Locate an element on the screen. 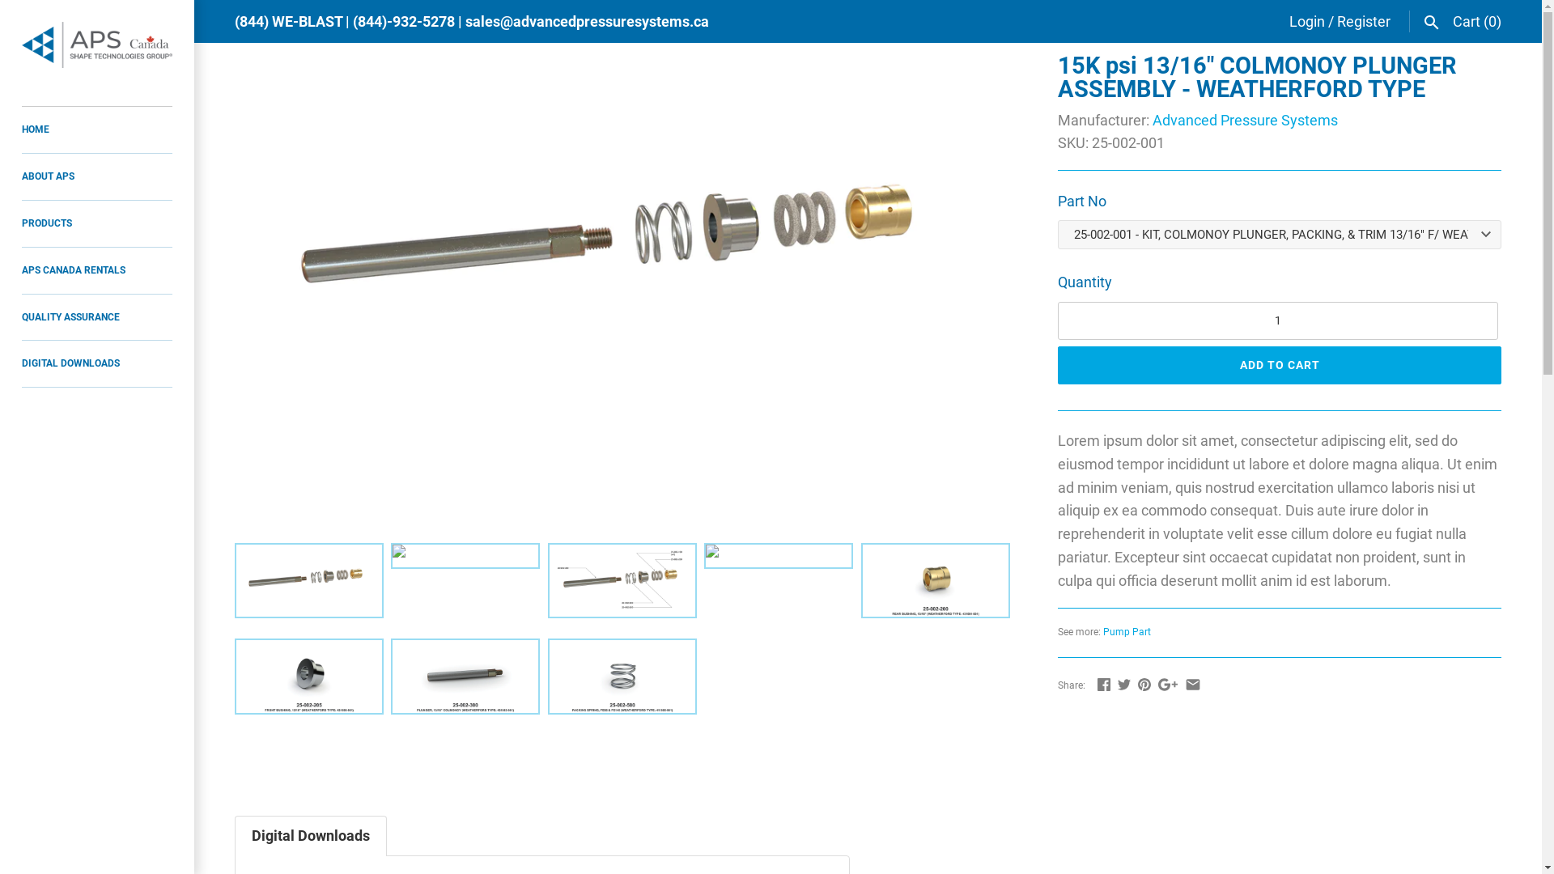 The image size is (1554, 874). 'ADD TO CART' is located at coordinates (1278, 365).